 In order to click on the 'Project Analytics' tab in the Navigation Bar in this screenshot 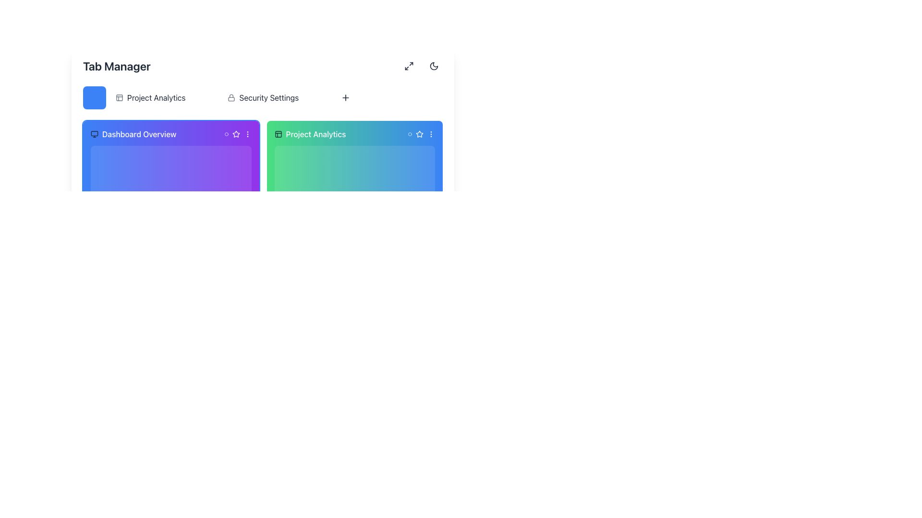, I will do `click(263, 98)`.